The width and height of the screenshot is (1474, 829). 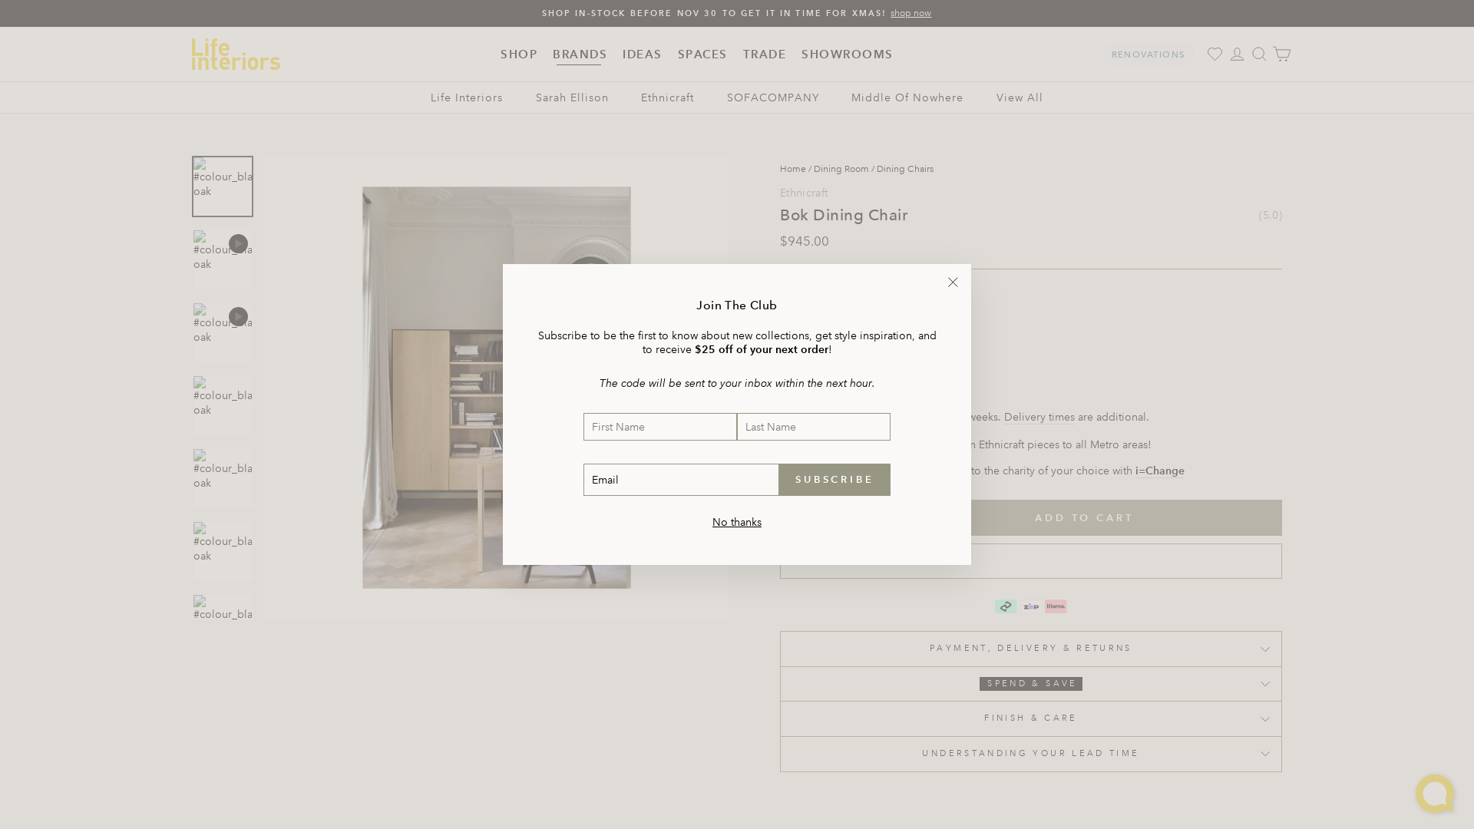 What do you see at coordinates (466, 97) in the screenshot?
I see `'Life Interiors'` at bounding box center [466, 97].